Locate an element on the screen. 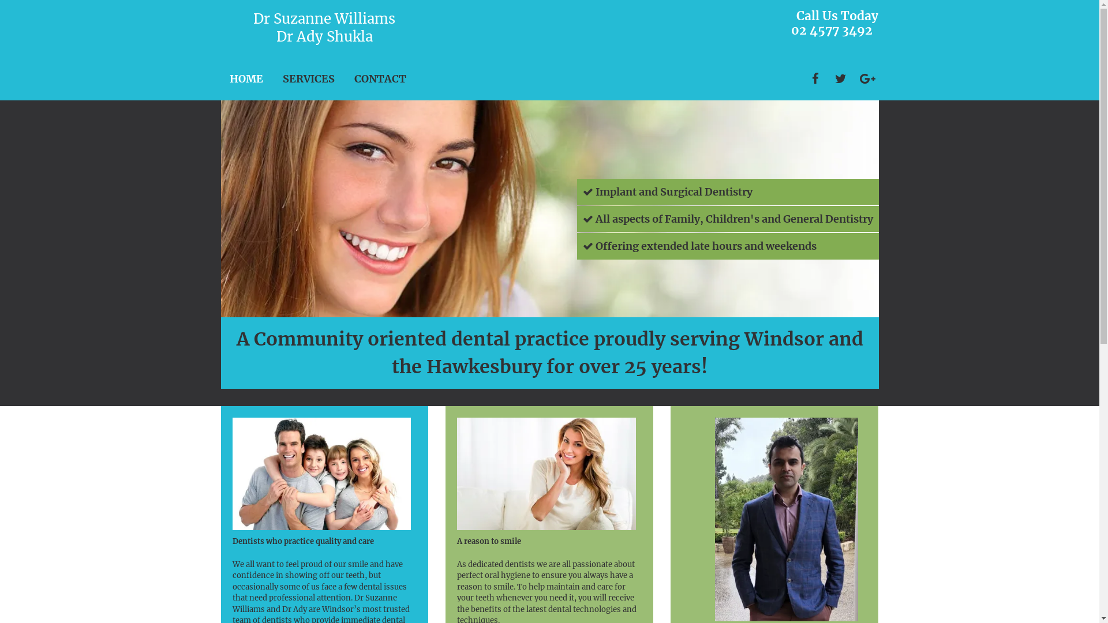 The height and width of the screenshot is (623, 1108). 'CONTACT' is located at coordinates (354, 78).